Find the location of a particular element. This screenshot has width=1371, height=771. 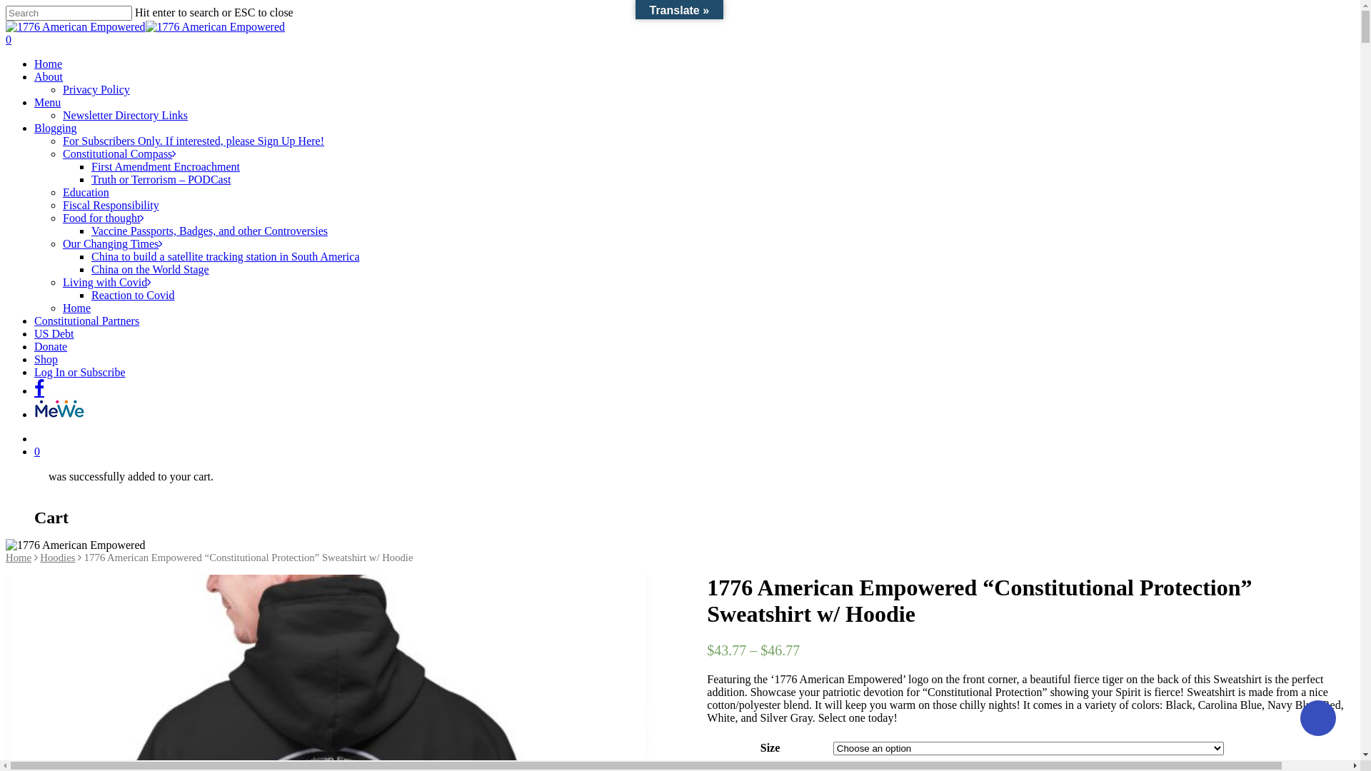

'Food for thought' is located at coordinates (102, 218).